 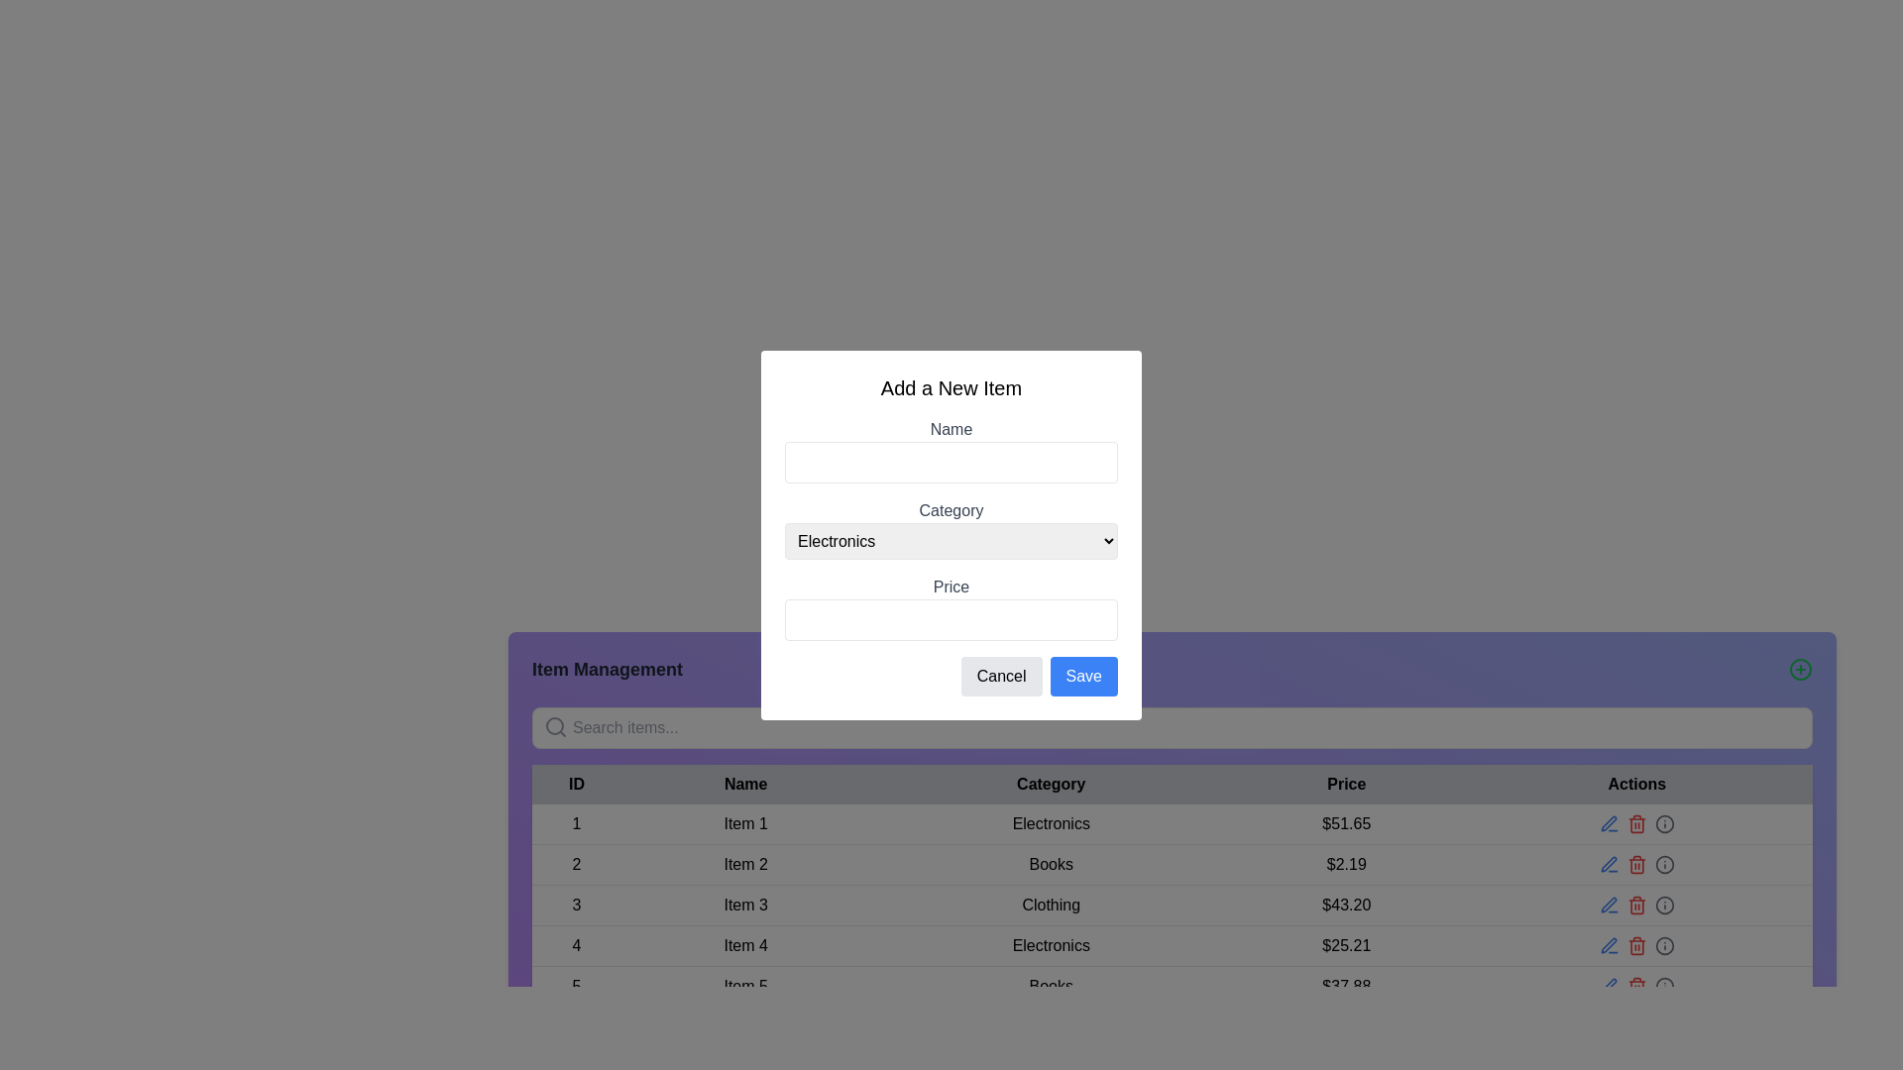 What do you see at coordinates (1636, 865) in the screenshot?
I see `the red trashcan icon button used for deletion in the second row of the data table under the 'Actions' column` at bounding box center [1636, 865].